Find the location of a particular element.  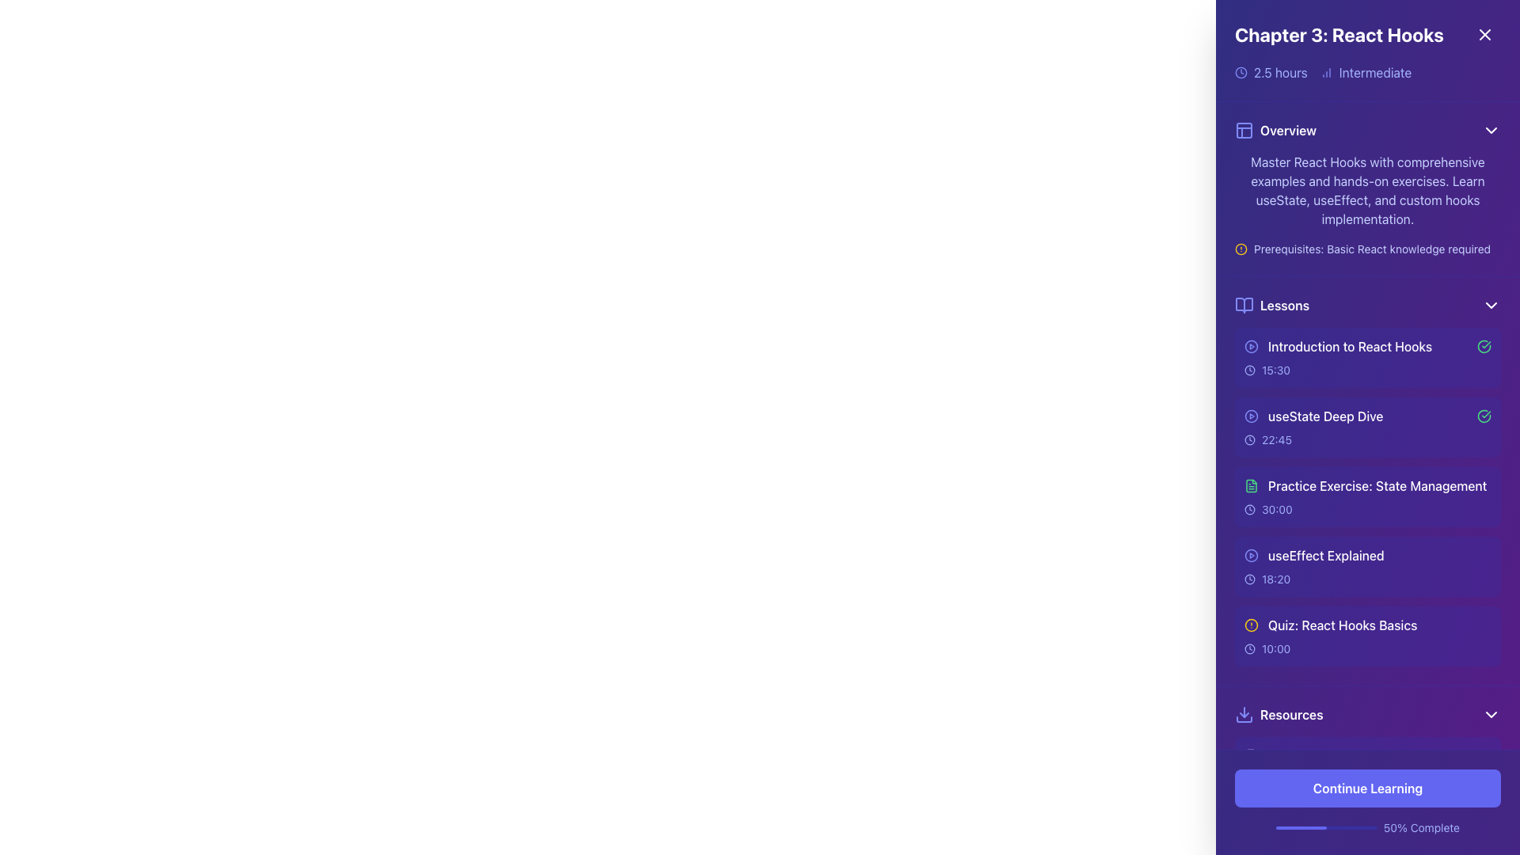

the 'useEffect Explained' lesson item in the Lessons sidebar is located at coordinates (1367, 555).